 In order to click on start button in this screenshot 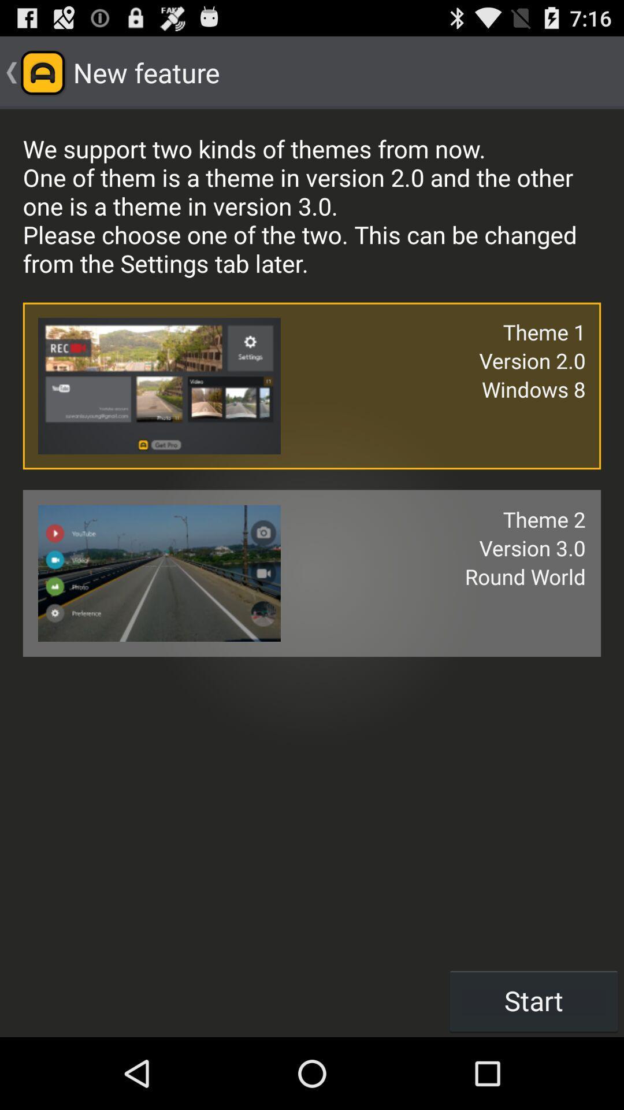, I will do `click(534, 1000)`.